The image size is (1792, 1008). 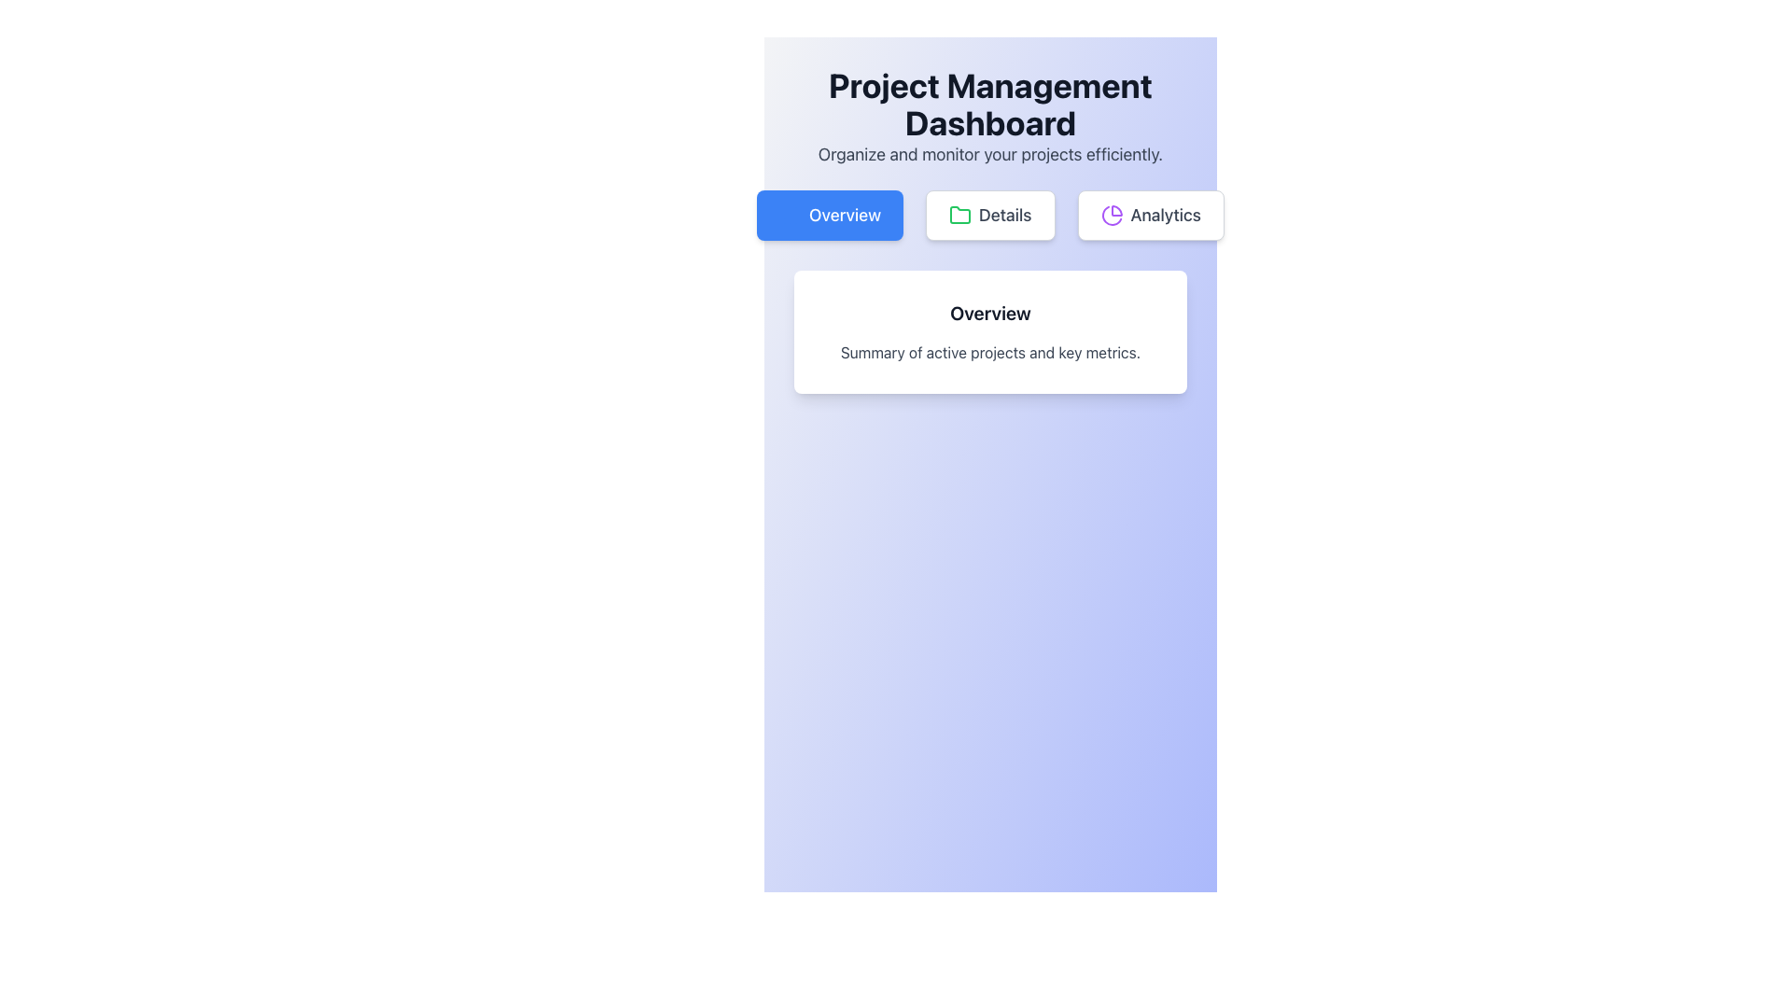 I want to click on the purple pie chart icon within the 'Analytics' button located at the top right of the interface, so click(x=1112, y=215).